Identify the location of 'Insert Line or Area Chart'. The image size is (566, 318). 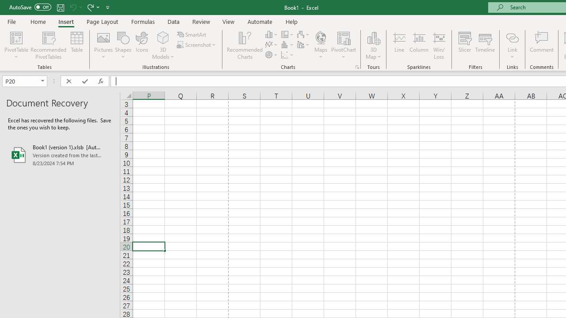
(272, 45).